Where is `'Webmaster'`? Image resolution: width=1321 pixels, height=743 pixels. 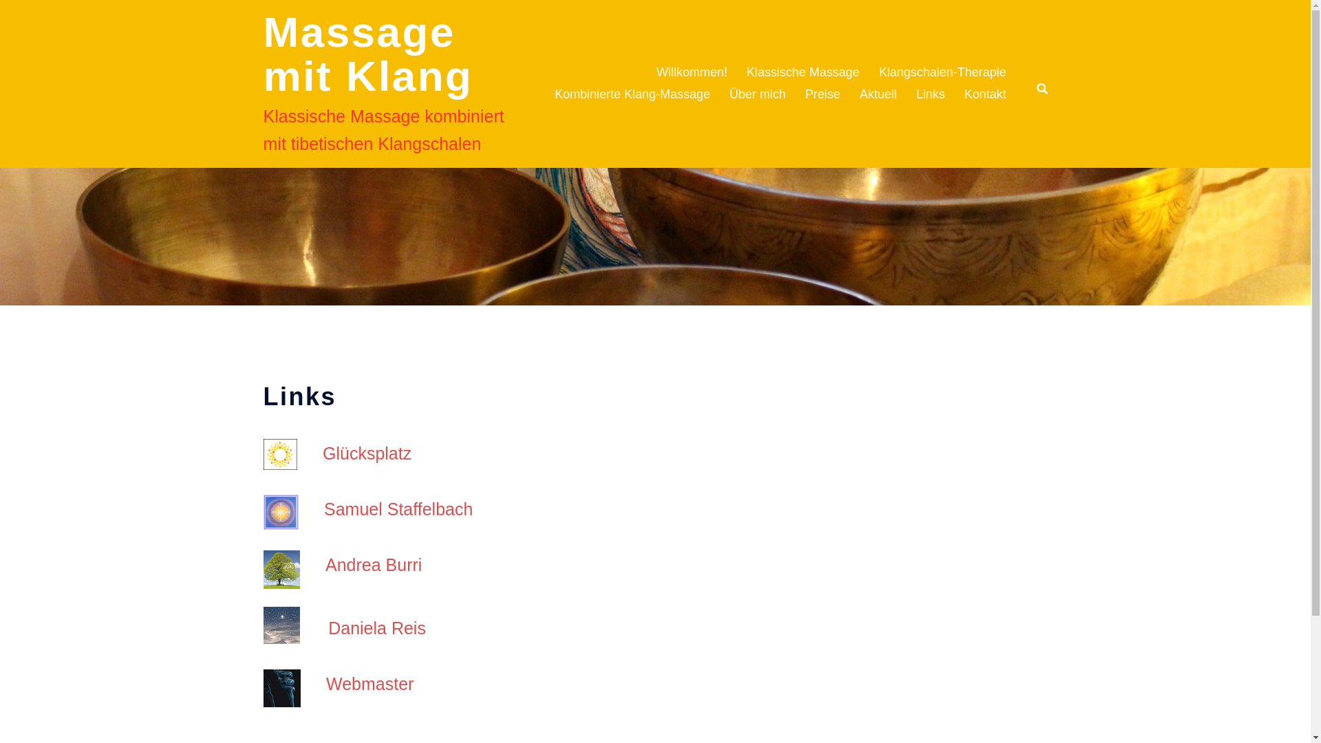 'Webmaster' is located at coordinates (325, 684).